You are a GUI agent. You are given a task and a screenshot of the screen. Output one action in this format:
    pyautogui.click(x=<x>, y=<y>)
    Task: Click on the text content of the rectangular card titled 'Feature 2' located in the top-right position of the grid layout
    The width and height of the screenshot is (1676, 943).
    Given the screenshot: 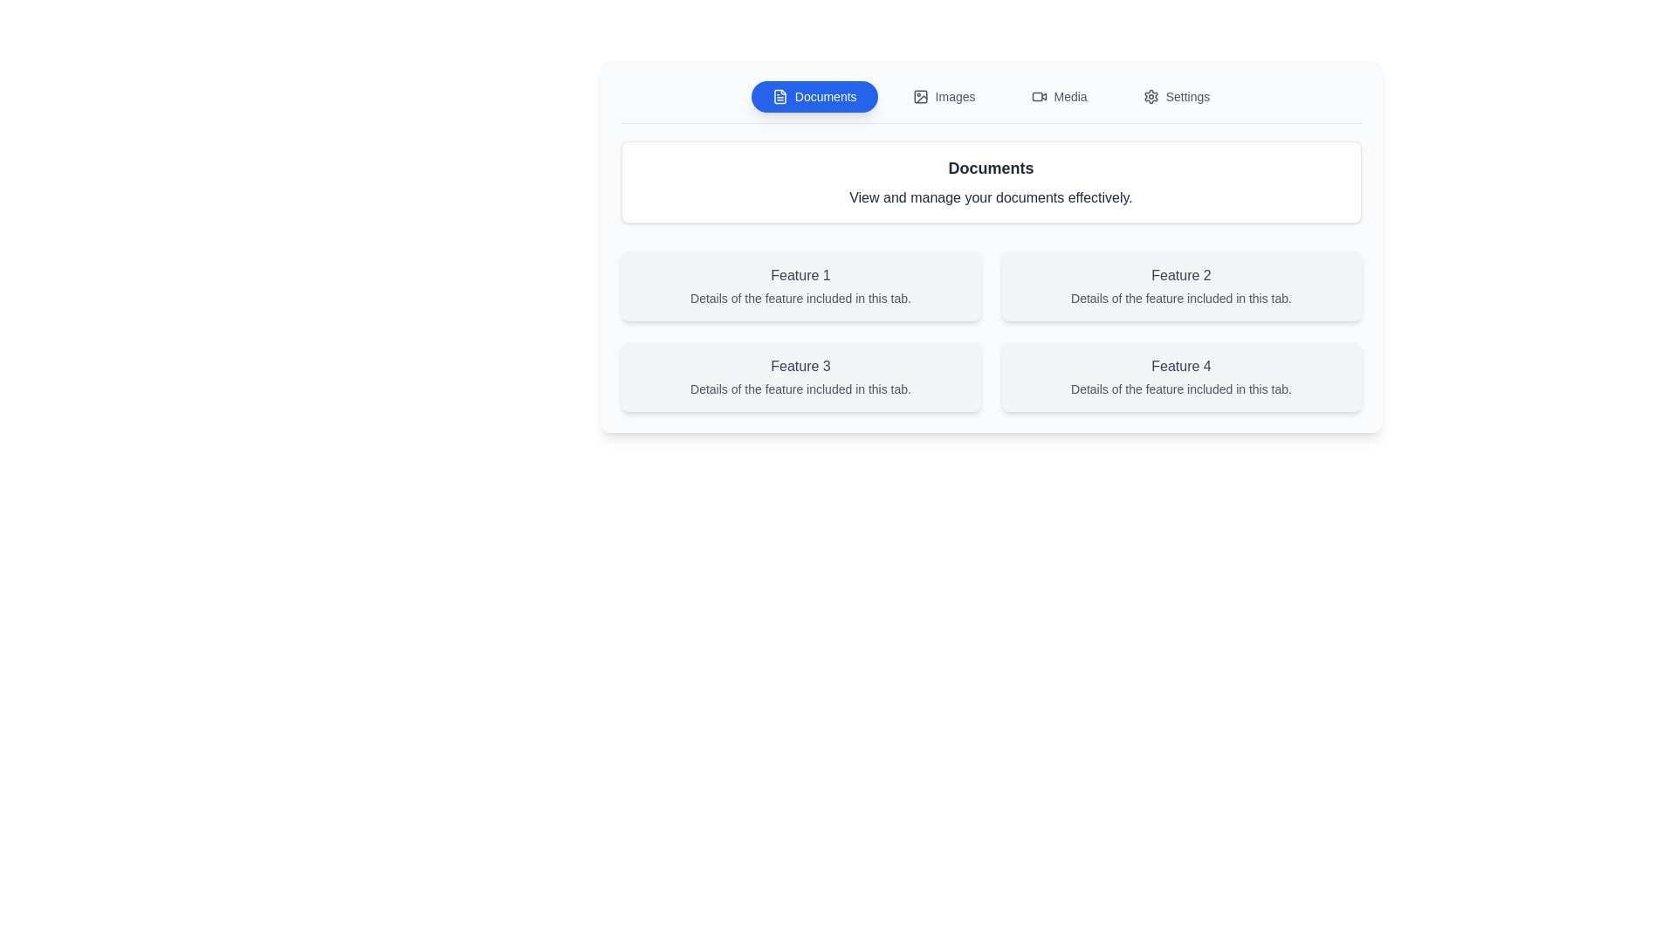 What is the action you would take?
    pyautogui.click(x=1181, y=285)
    